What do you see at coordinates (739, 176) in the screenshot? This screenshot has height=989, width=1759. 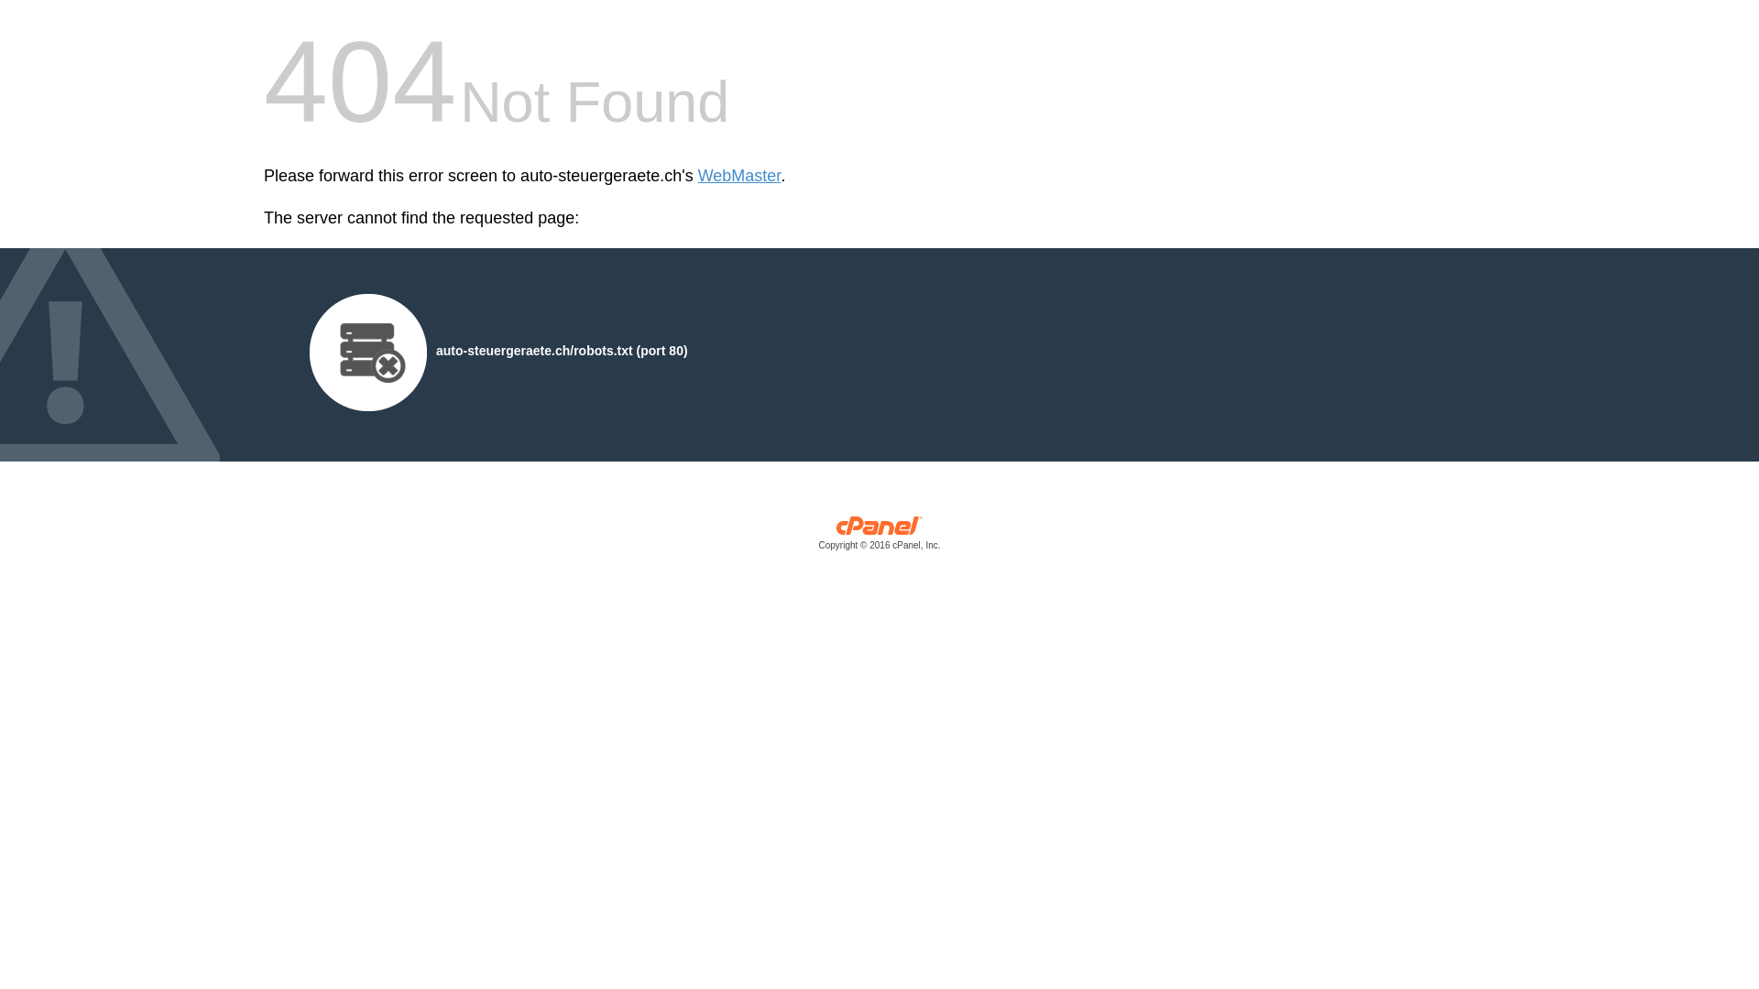 I see `'WebMaster'` at bounding box center [739, 176].